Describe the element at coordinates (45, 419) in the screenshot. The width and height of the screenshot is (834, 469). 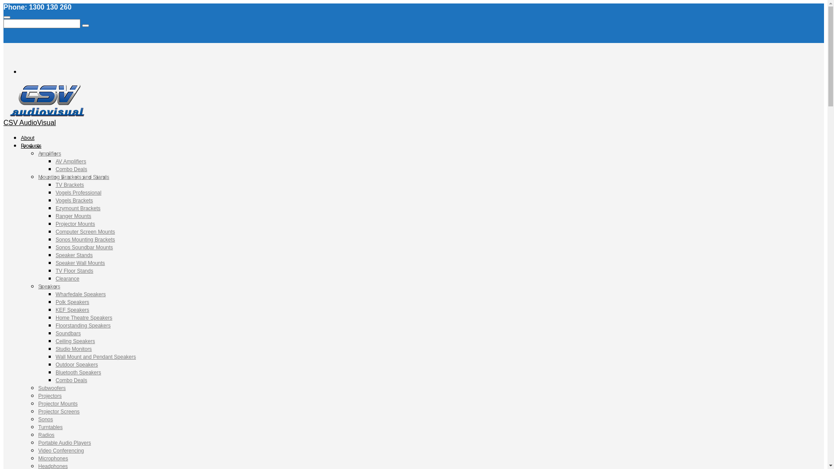
I see `'Sonos'` at that location.